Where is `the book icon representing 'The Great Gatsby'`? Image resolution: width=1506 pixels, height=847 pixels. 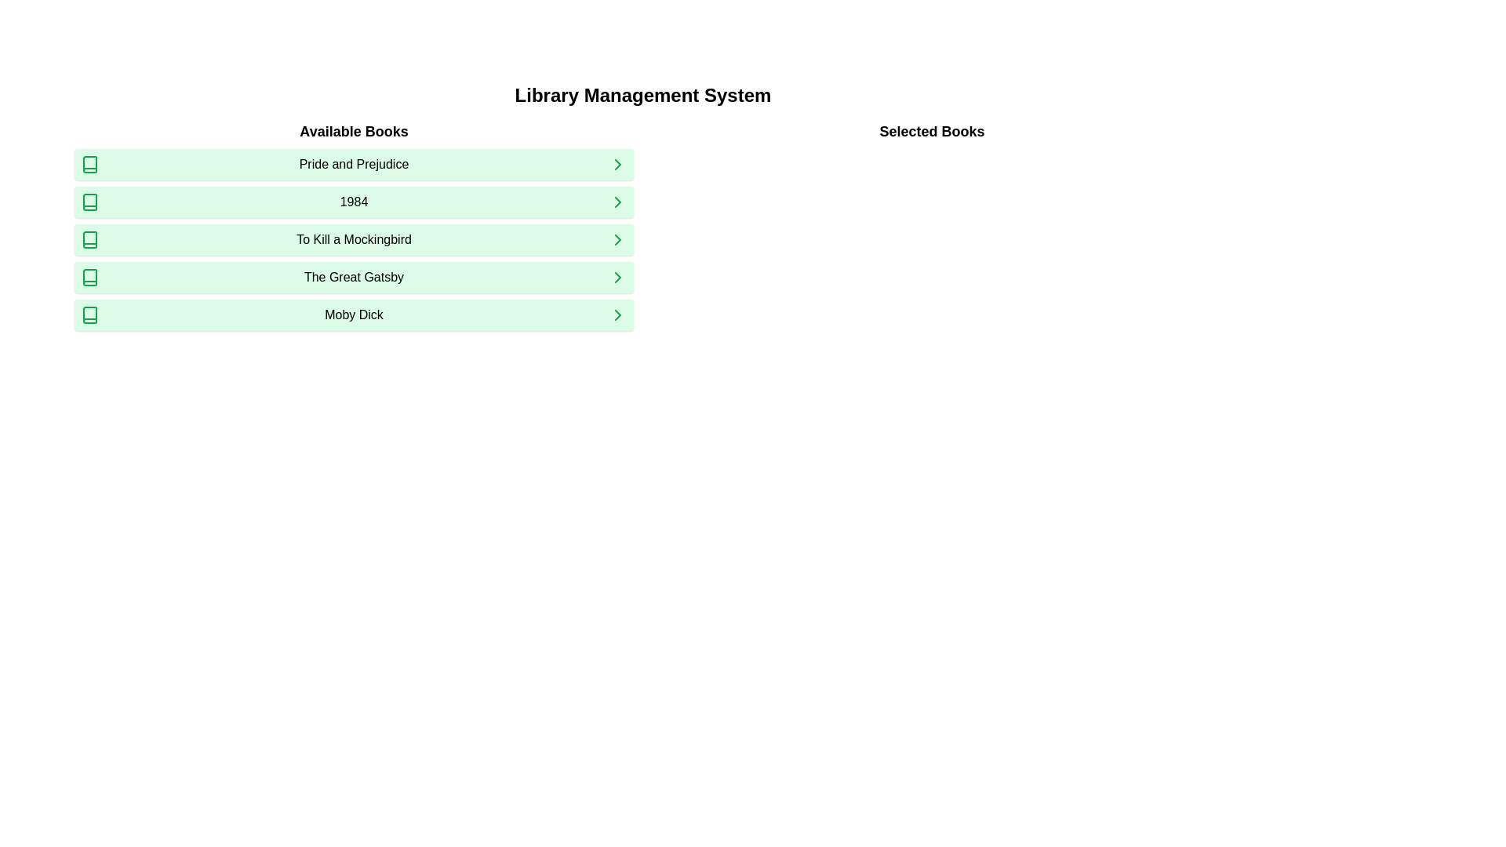 the book icon representing 'The Great Gatsby' is located at coordinates (89, 277).